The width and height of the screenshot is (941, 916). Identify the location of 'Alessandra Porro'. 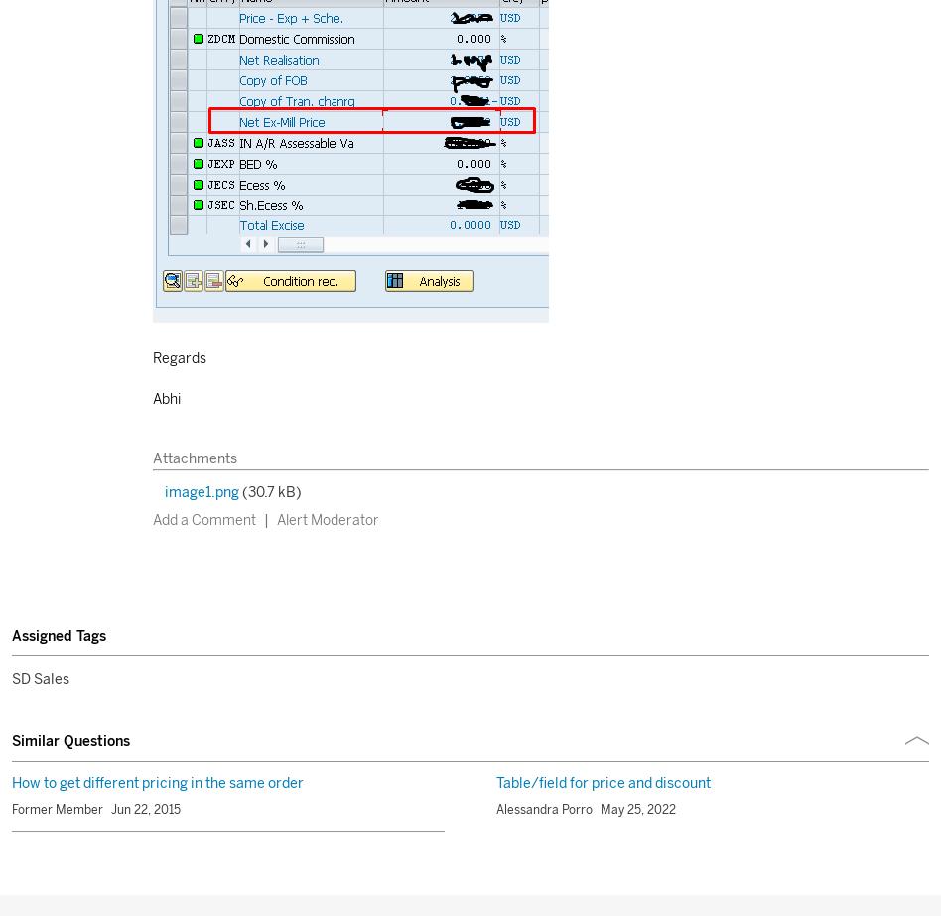
(544, 809).